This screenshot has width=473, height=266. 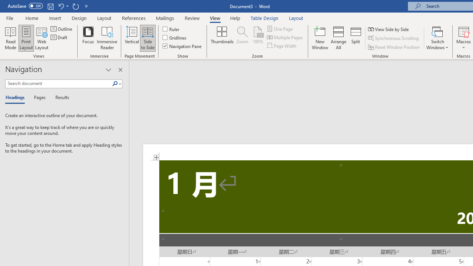 What do you see at coordinates (320, 38) in the screenshot?
I see `'New Window'` at bounding box center [320, 38].